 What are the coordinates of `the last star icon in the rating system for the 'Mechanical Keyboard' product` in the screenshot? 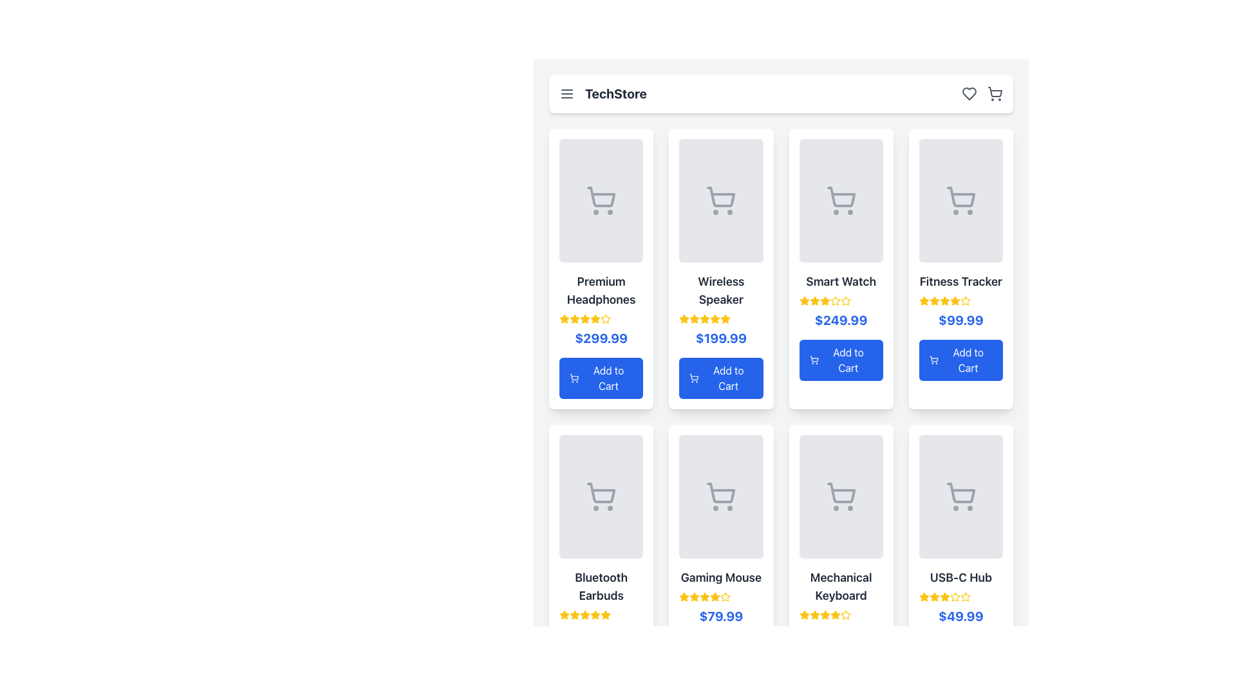 It's located at (845, 614).